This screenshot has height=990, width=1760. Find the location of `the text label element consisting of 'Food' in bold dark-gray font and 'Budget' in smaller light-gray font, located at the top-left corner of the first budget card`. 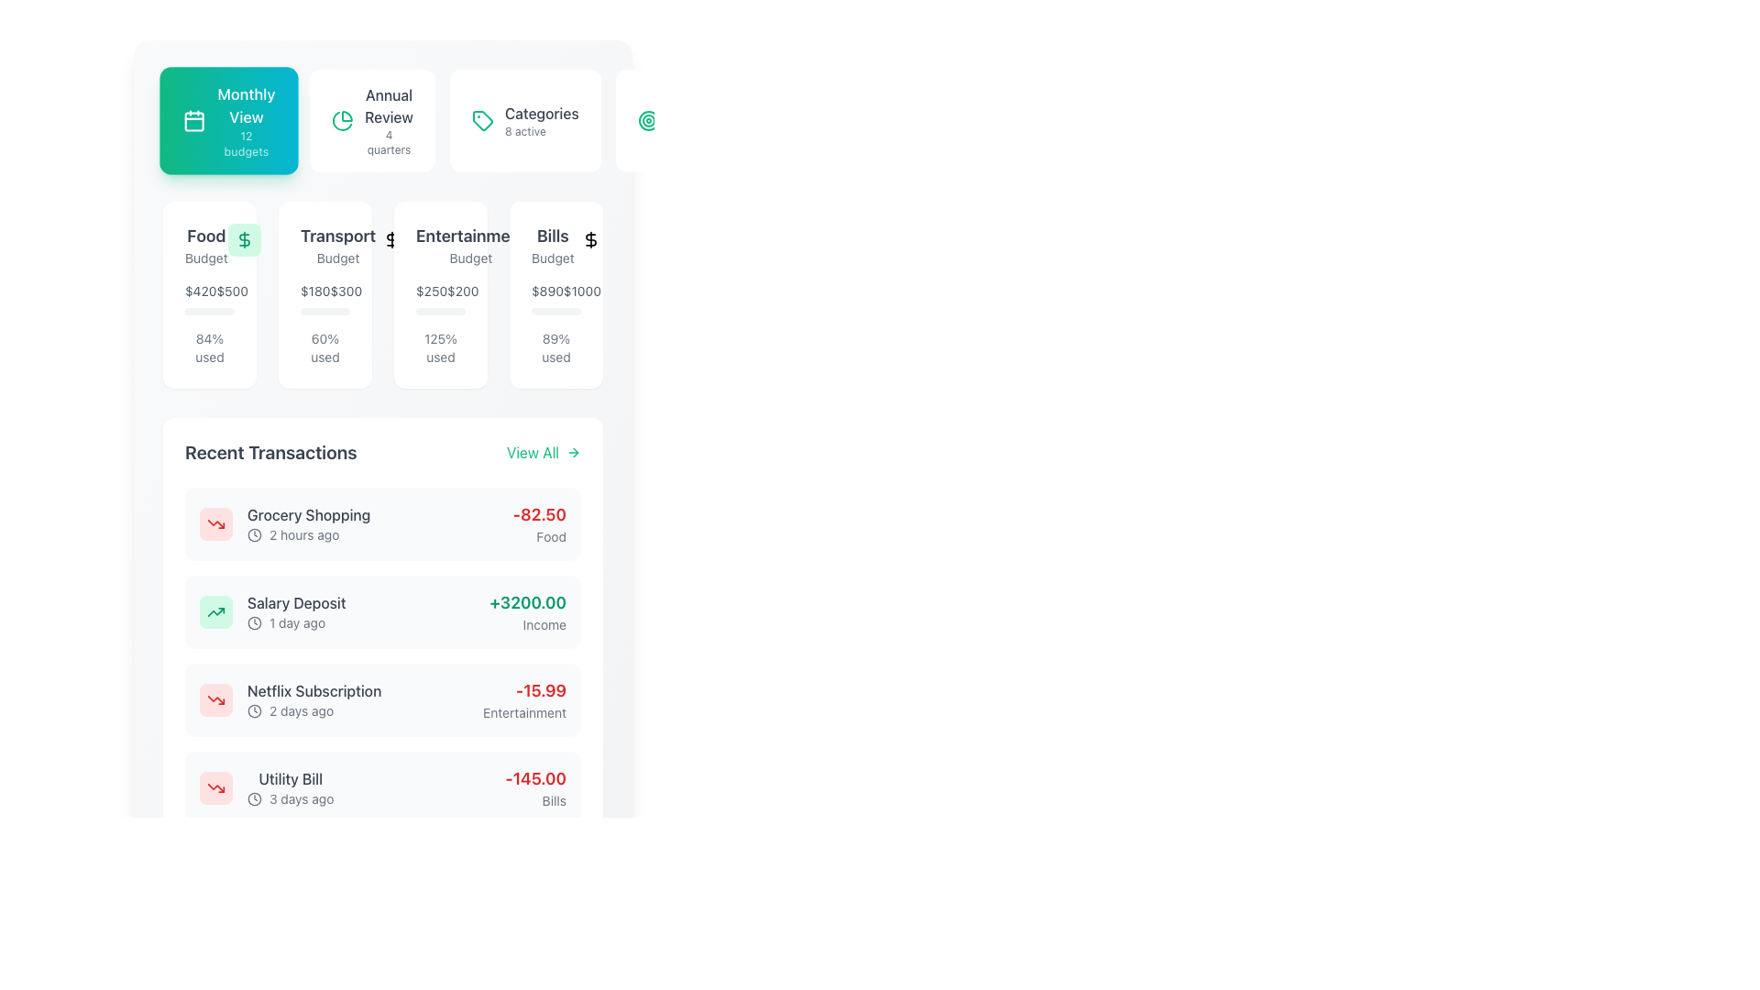

the text label element consisting of 'Food' in bold dark-gray font and 'Budget' in smaller light-gray font, located at the top-left corner of the first budget card is located at coordinates (206, 244).